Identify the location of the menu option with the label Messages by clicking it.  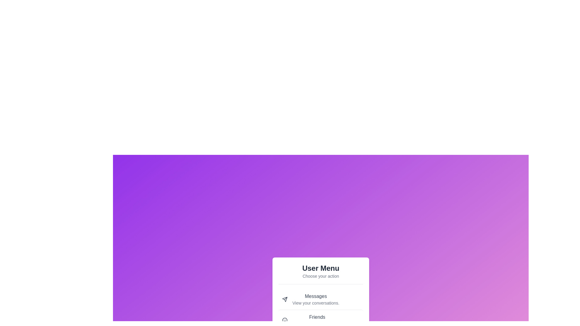
(320, 299).